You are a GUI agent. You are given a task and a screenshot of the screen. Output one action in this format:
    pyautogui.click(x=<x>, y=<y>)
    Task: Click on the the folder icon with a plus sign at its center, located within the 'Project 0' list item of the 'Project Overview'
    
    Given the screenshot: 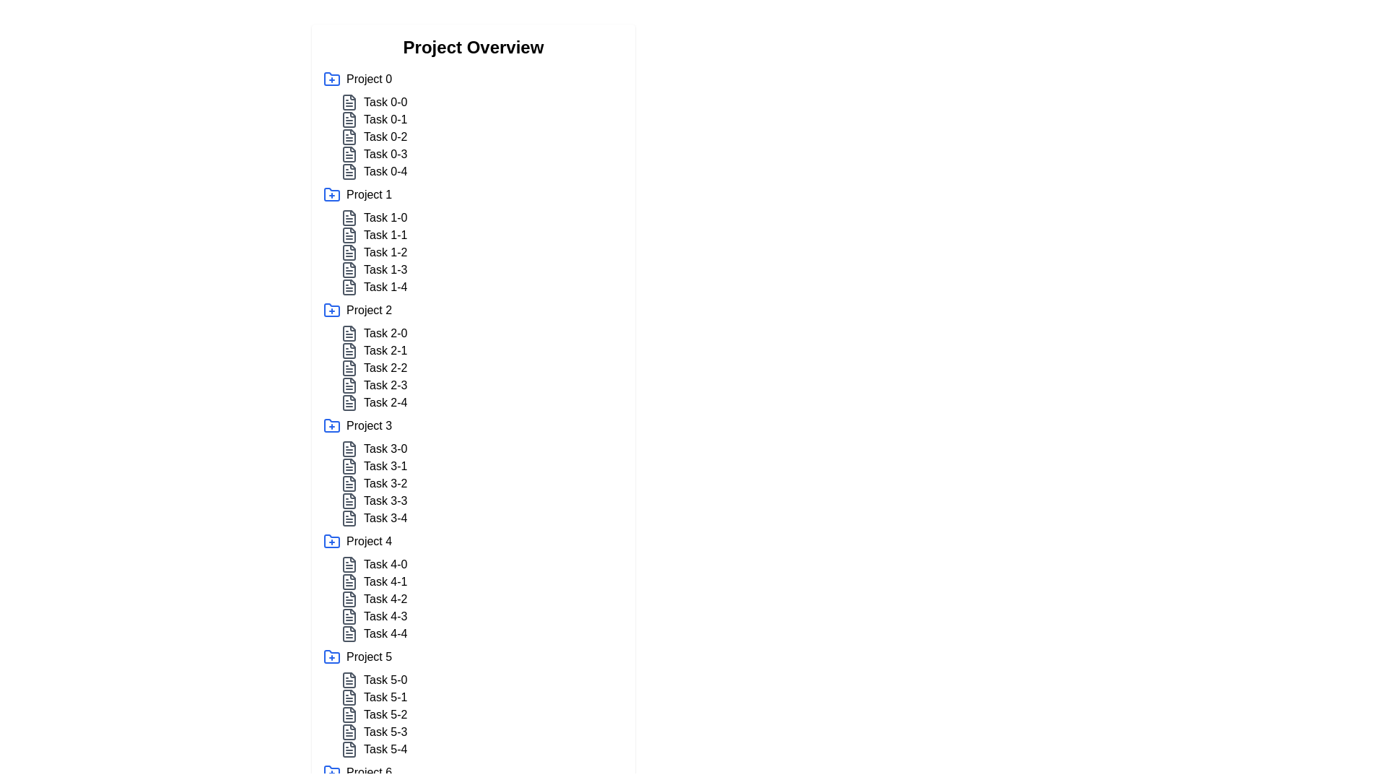 What is the action you would take?
    pyautogui.click(x=331, y=79)
    